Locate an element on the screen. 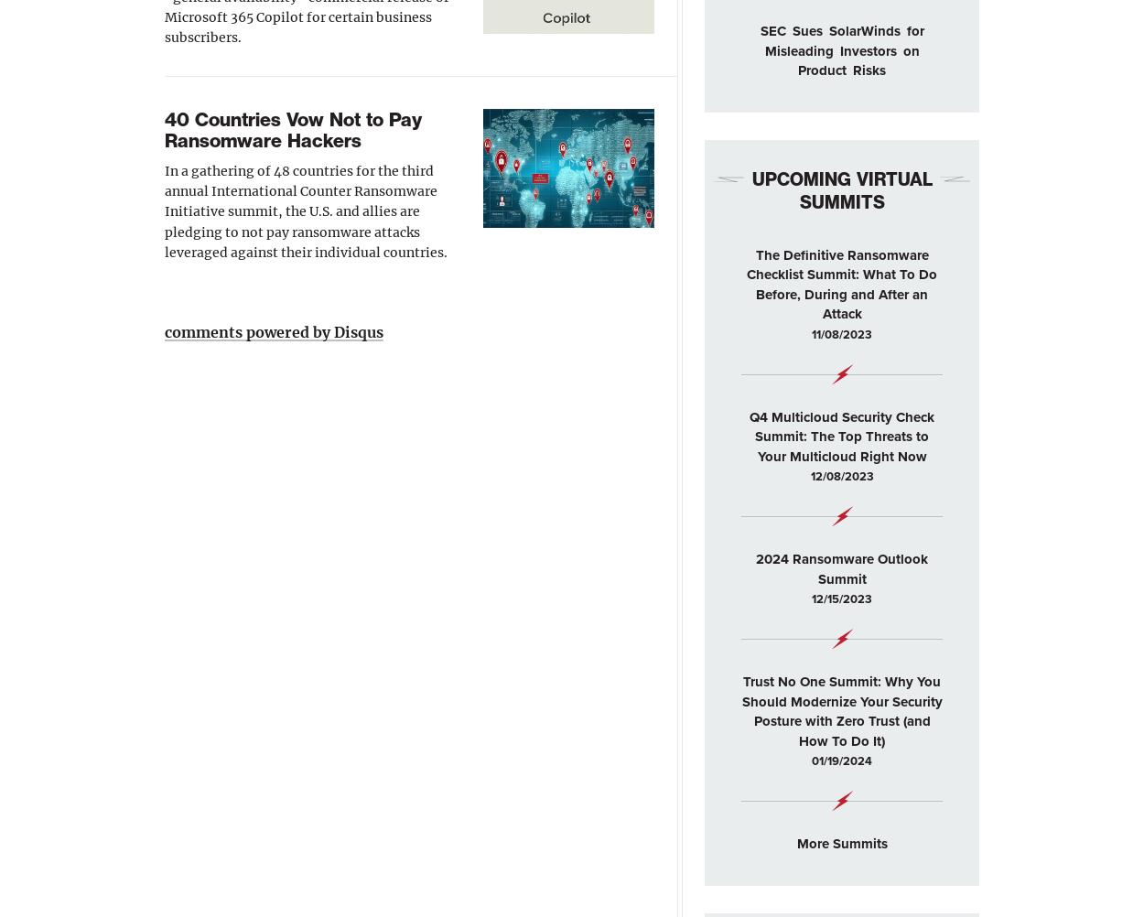 This screenshot has width=1144, height=917. 'Disqus' is located at coordinates (359, 331).